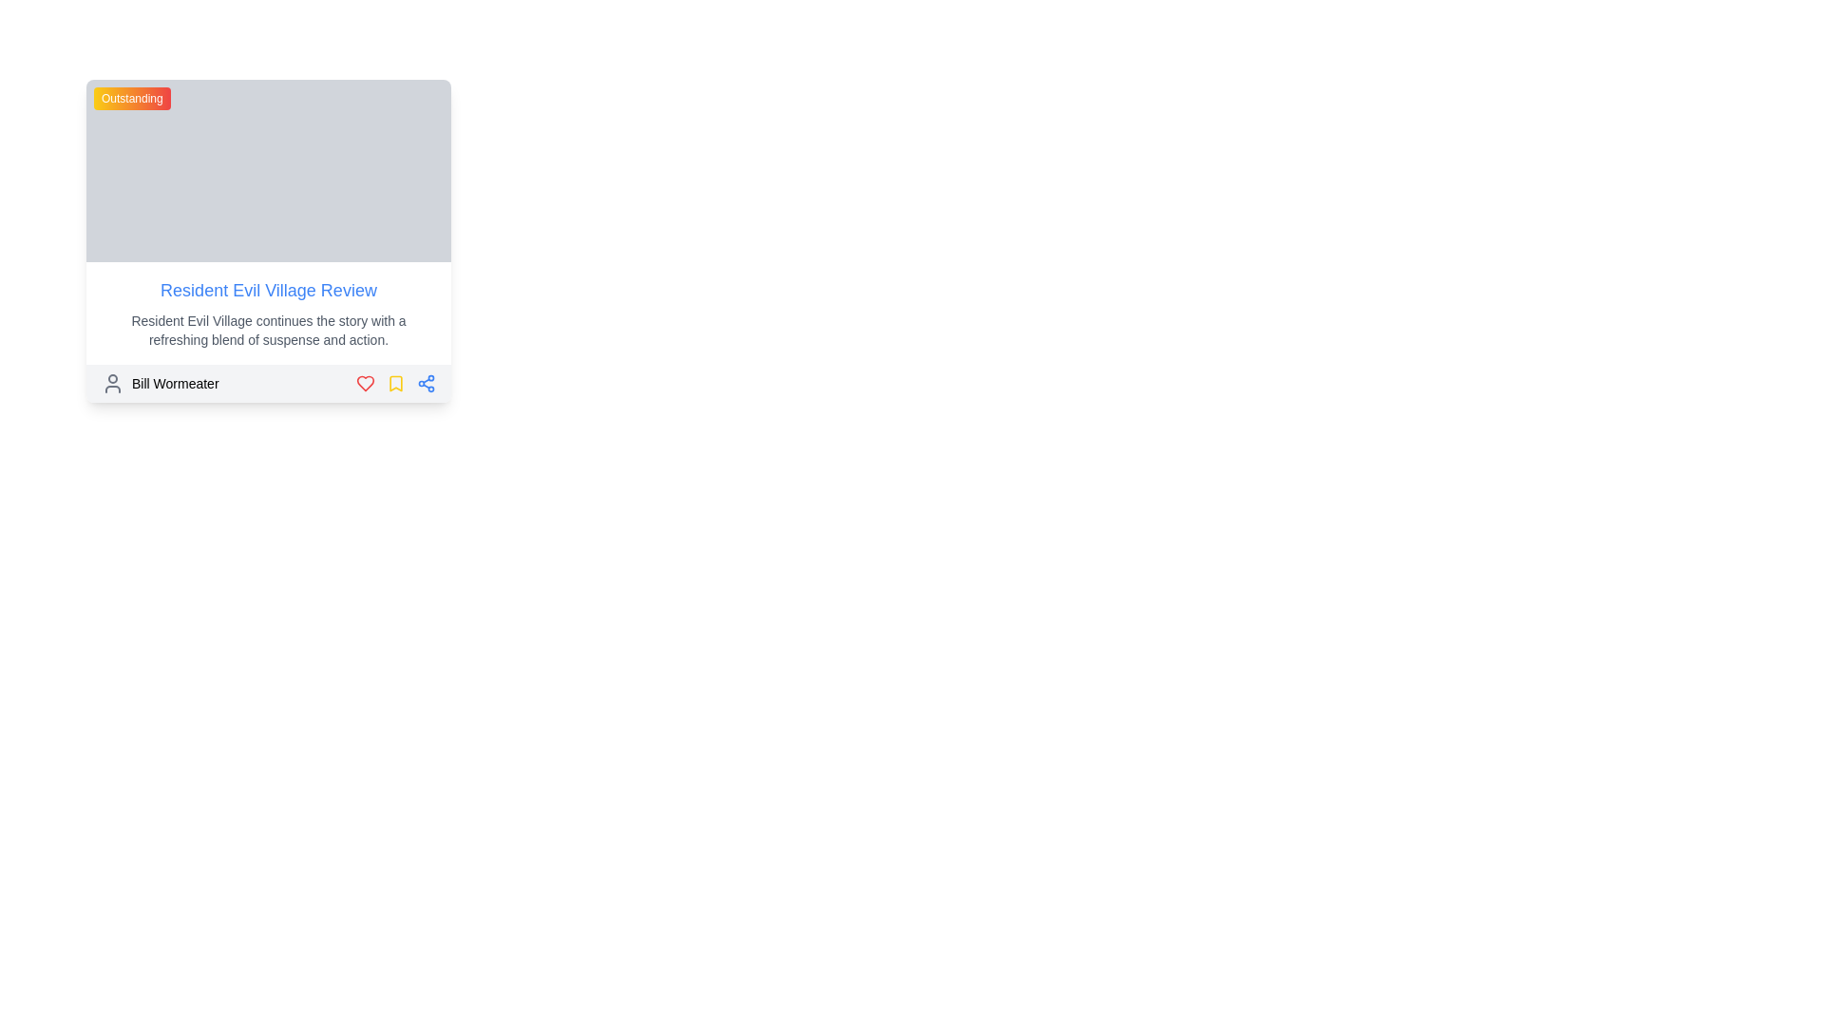 The width and height of the screenshot is (1824, 1026). What do you see at coordinates (395, 384) in the screenshot?
I see `the bookmark icon located as the second interactive item from the right in the horizontal group below the main text content of the card` at bounding box center [395, 384].